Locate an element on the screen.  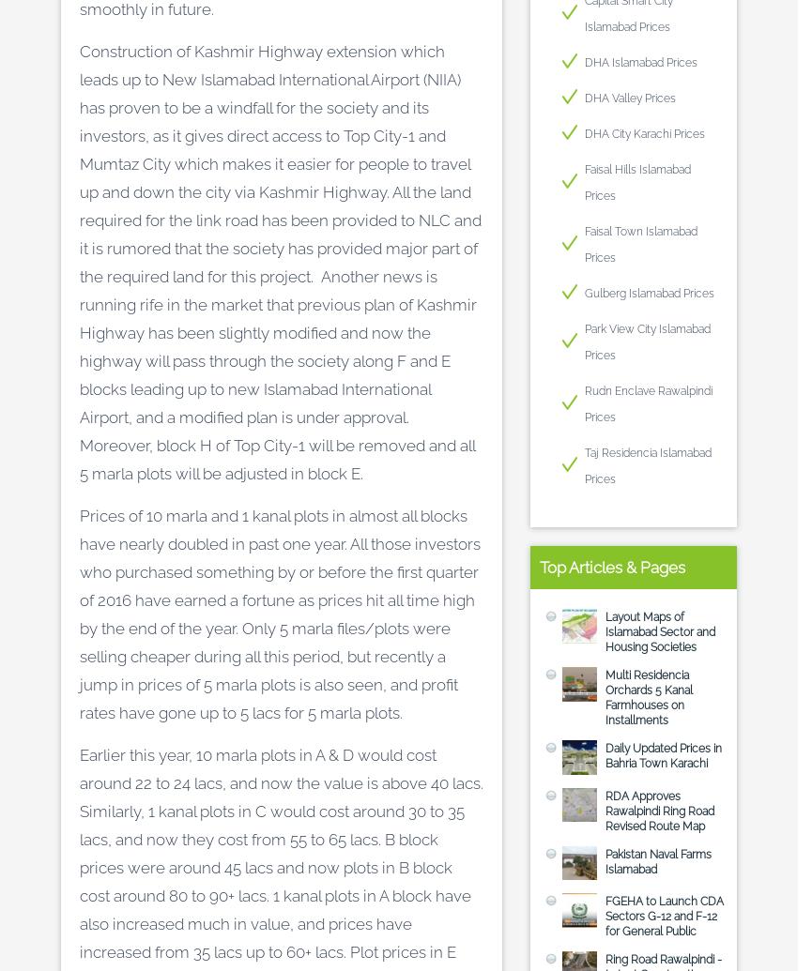
'FGEHA to Launch CDA Sectors G-12 and F-12 for General Public' is located at coordinates (663, 916).